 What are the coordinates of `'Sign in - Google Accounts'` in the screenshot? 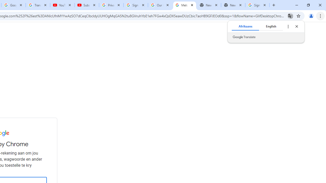 It's located at (136, 5).